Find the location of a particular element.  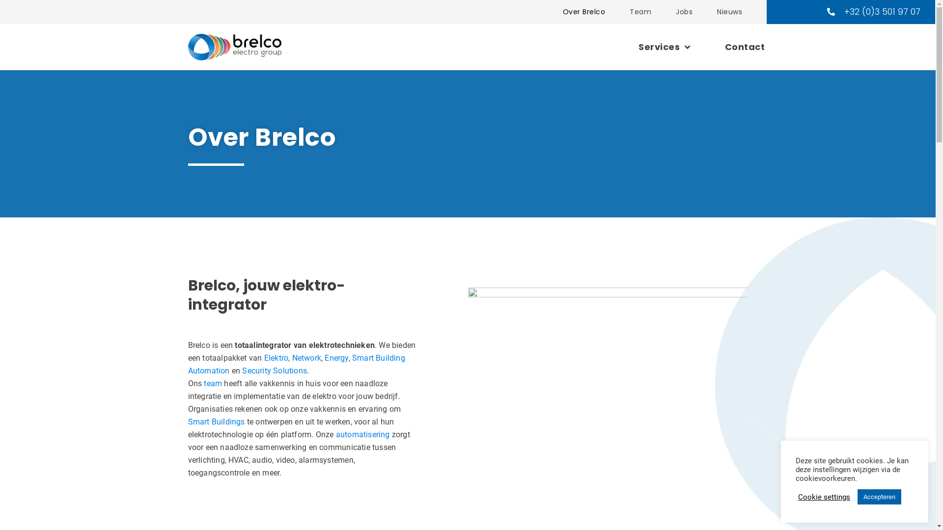

'Accepteren' is located at coordinates (879, 497).